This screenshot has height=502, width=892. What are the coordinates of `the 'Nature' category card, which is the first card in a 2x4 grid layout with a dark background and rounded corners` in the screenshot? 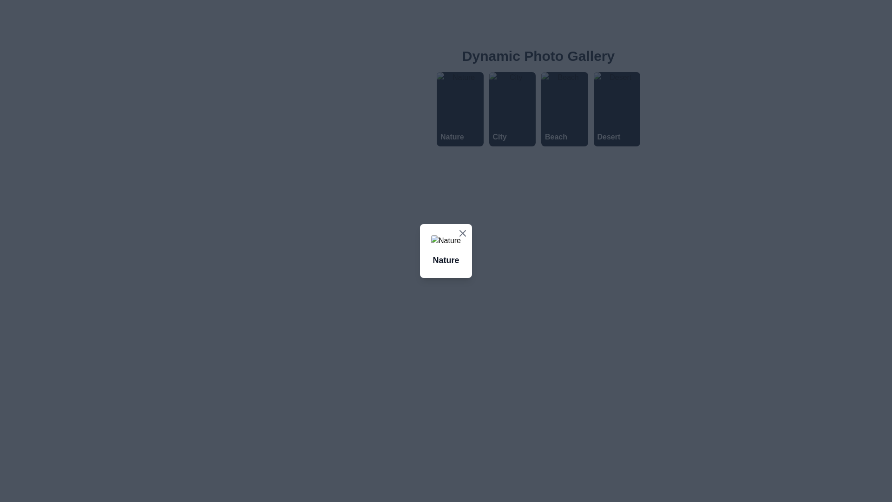 It's located at (460, 109).